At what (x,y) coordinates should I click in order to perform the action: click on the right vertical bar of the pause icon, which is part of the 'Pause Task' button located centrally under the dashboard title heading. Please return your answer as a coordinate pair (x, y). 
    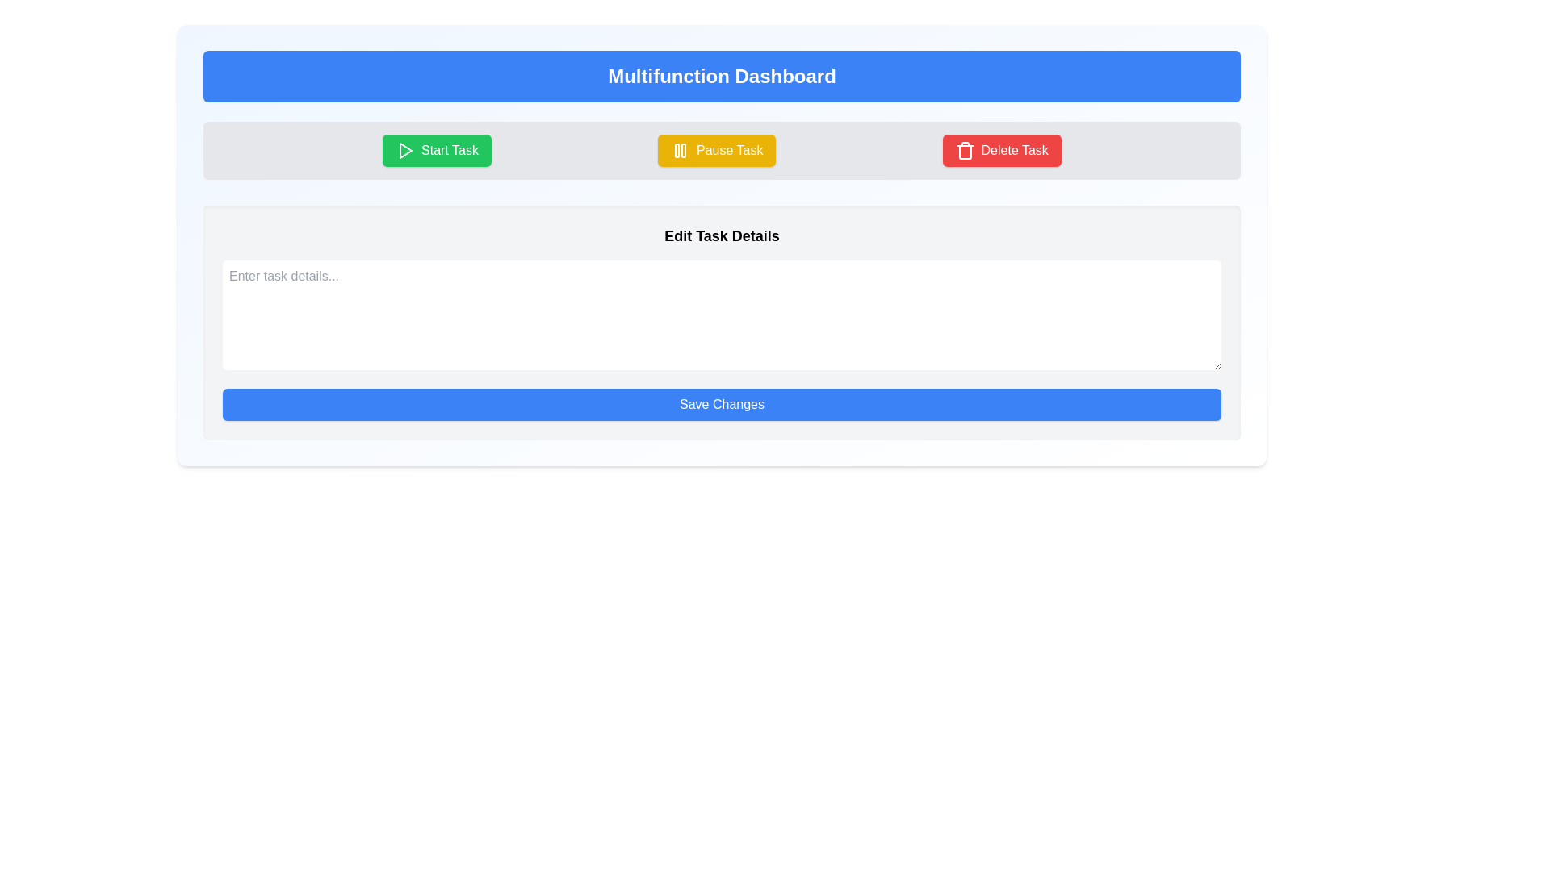
    Looking at the image, I should click on (684, 150).